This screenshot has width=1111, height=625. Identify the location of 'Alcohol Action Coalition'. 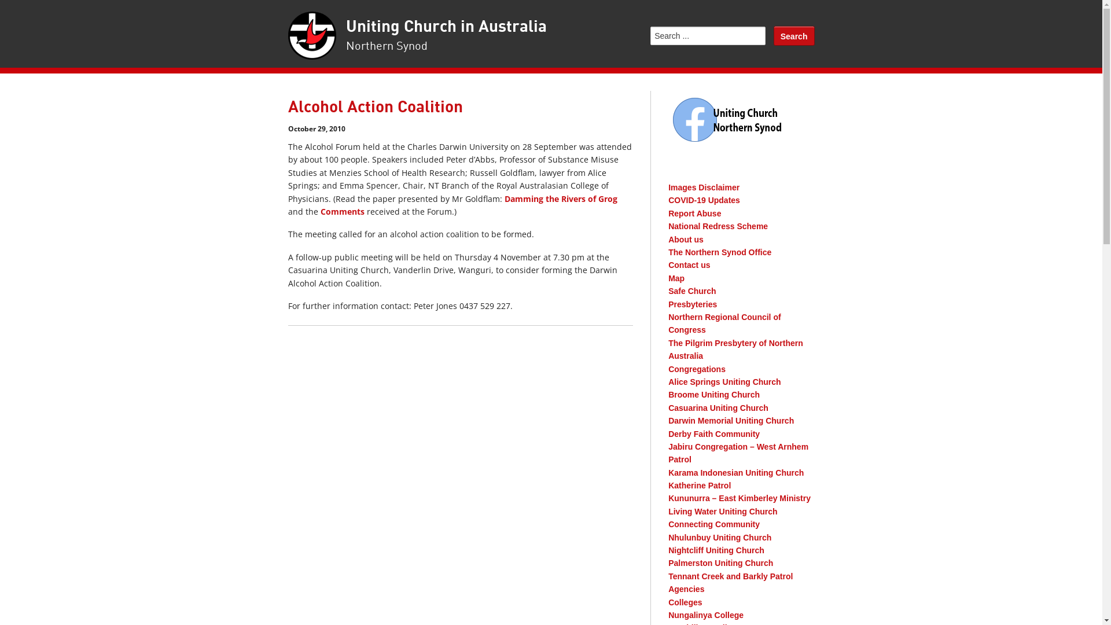
(375, 107).